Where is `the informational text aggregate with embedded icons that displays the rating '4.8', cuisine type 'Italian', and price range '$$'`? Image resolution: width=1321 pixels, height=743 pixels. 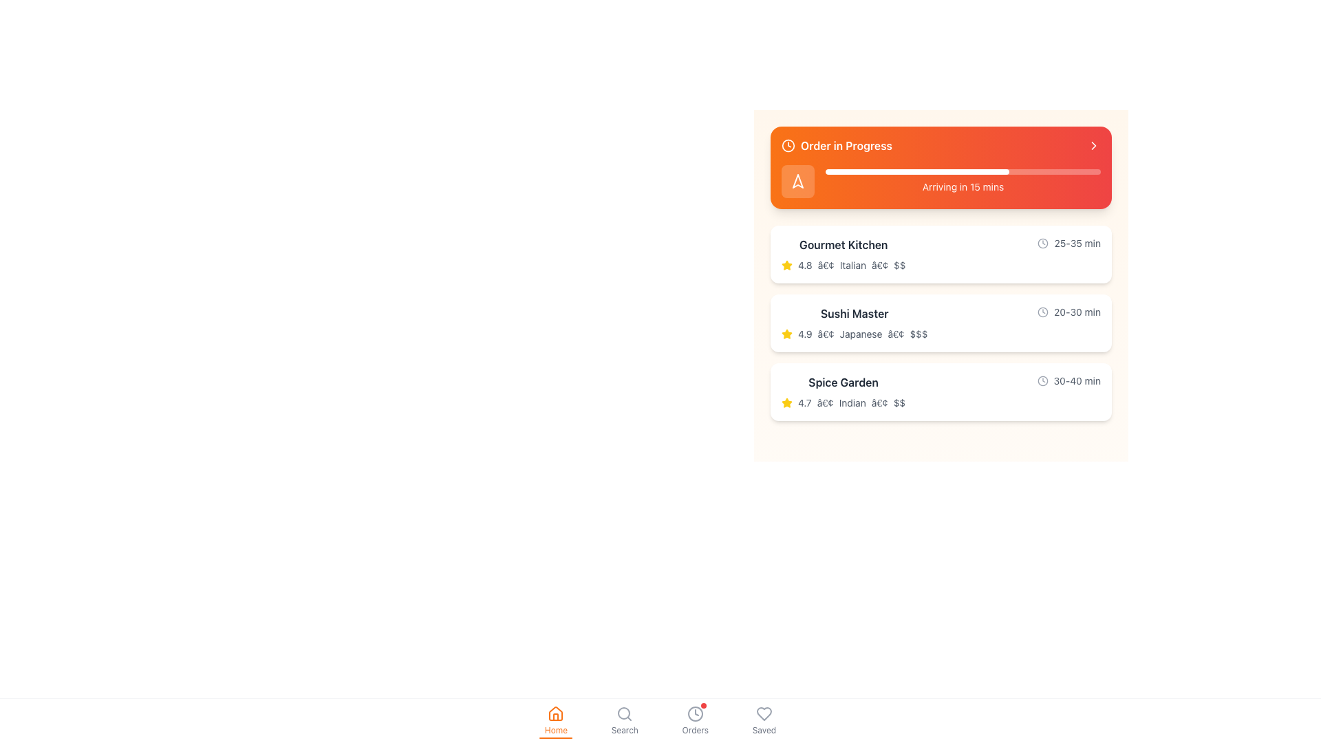 the informational text aggregate with embedded icons that displays the rating '4.8', cuisine type 'Italian', and price range '$$' is located at coordinates (843, 265).